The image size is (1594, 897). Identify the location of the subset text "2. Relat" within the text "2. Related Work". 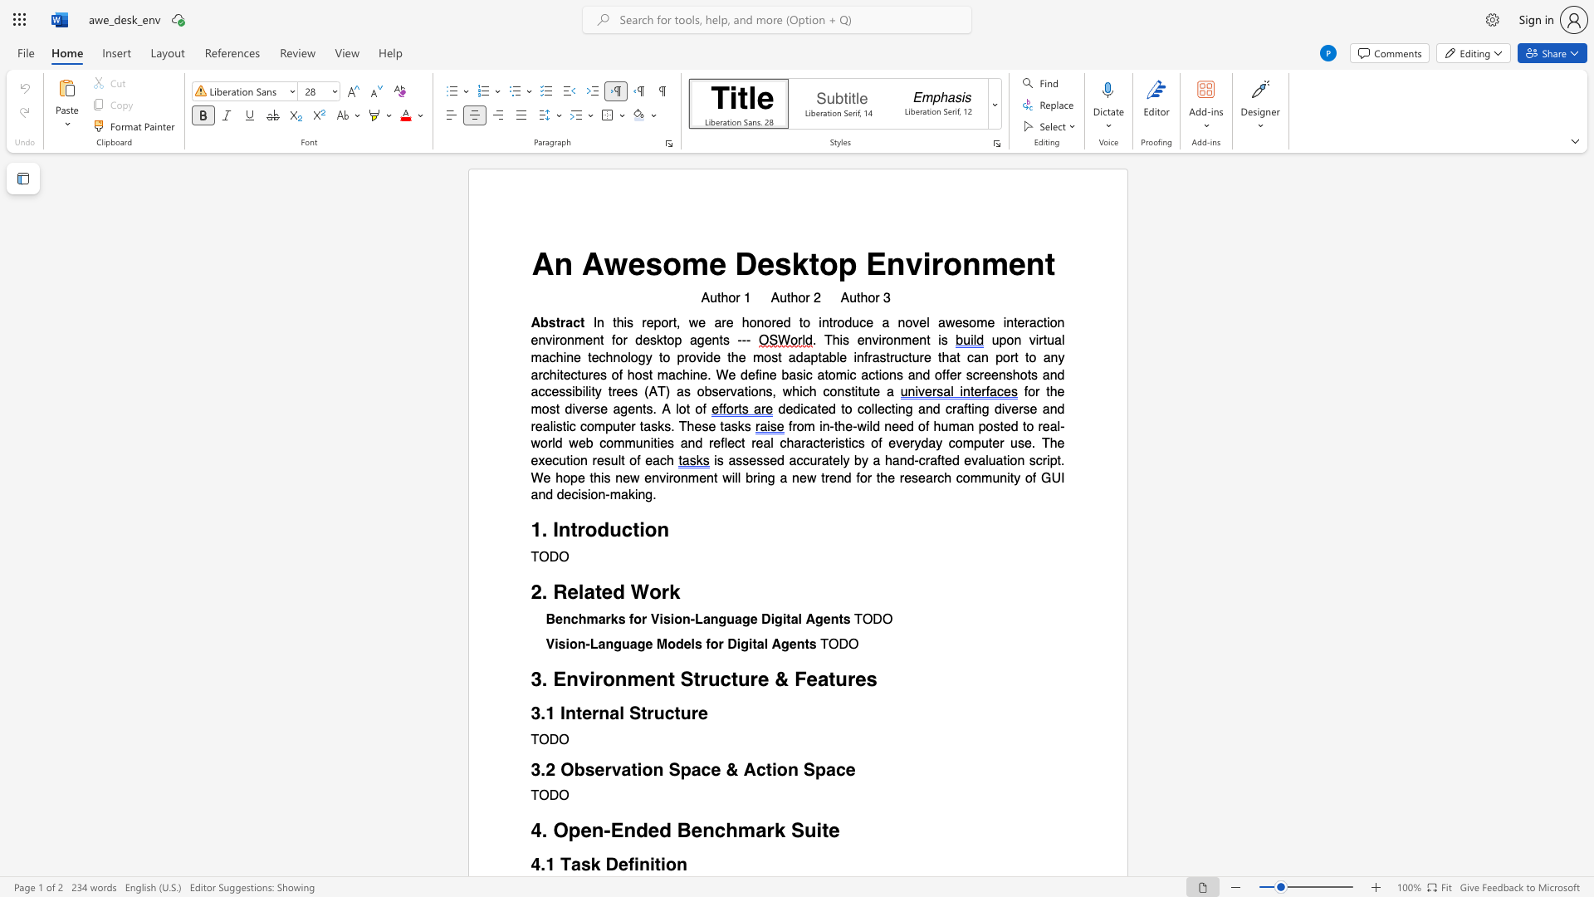
(530, 591).